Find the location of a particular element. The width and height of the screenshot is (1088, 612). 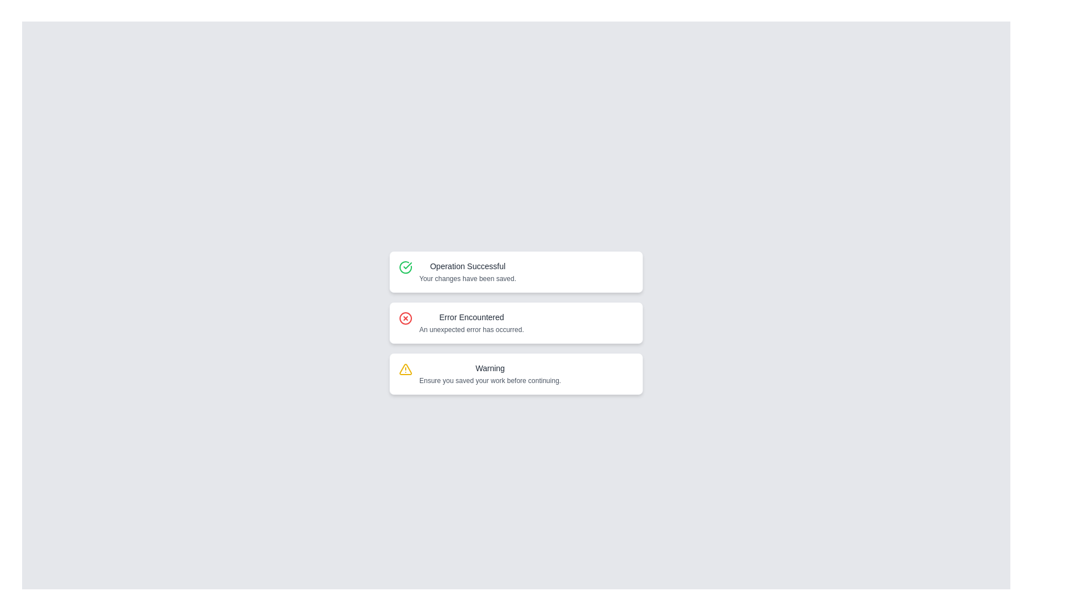

the information displayed in the second textual notification block, which indicates an unexpected error is located at coordinates (471, 323).